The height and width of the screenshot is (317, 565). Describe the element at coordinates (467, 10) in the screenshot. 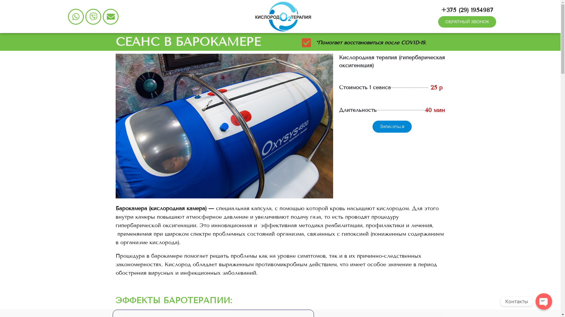

I see `'+375 (29) 1954987'` at that location.